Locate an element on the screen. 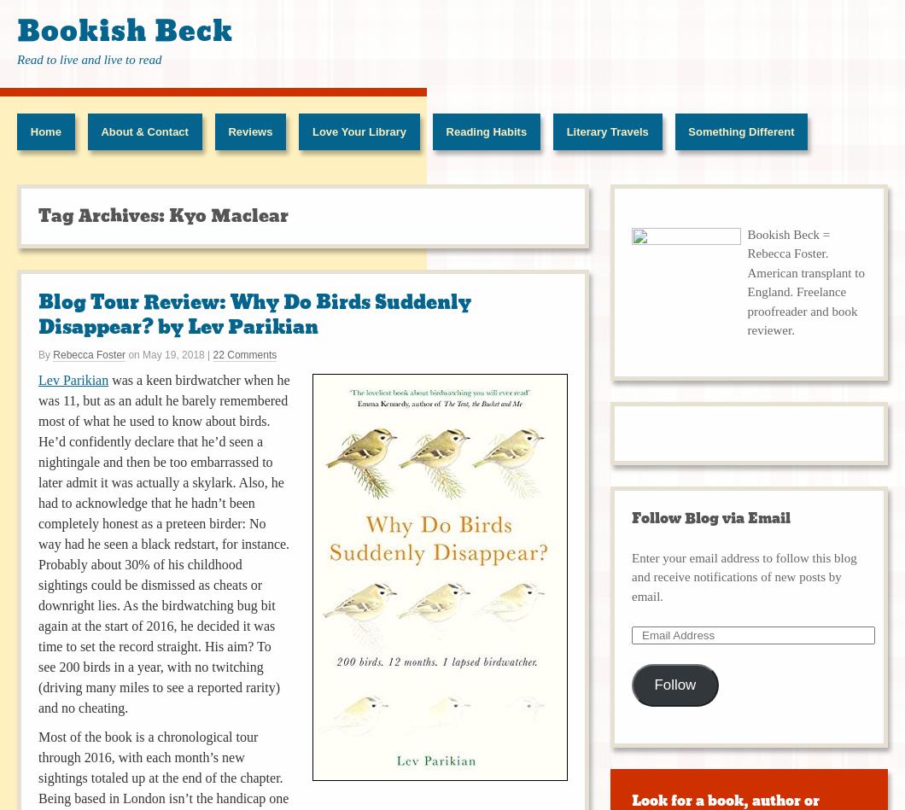 The width and height of the screenshot is (905, 810). 'Enter your email address to follow this blog and receive notifications of new posts by email.' is located at coordinates (744, 576).